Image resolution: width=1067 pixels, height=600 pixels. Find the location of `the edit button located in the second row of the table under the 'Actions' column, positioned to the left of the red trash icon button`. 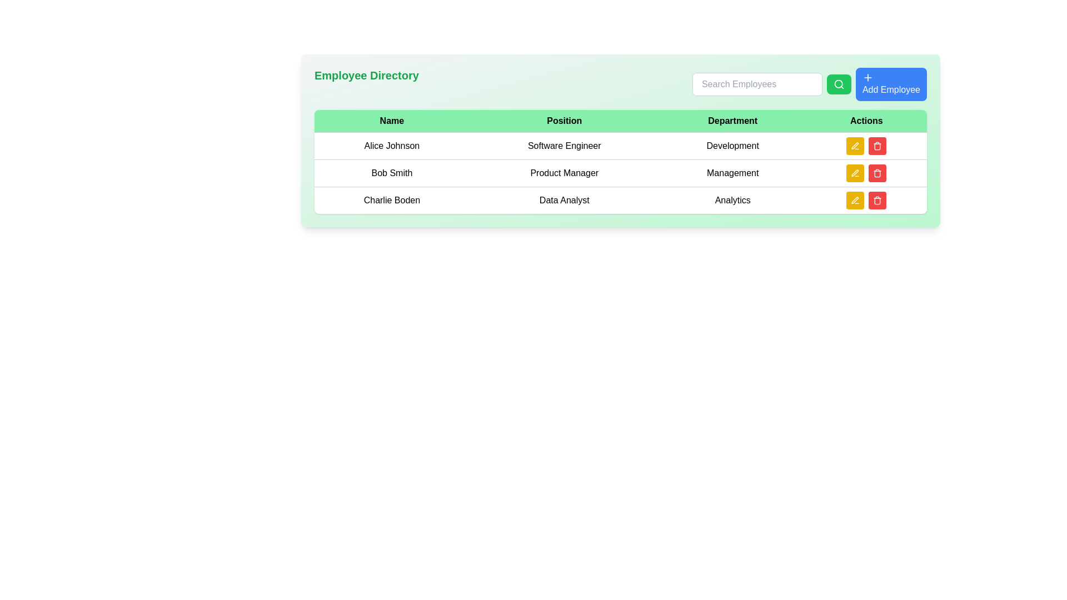

the edit button located in the second row of the table under the 'Actions' column, positioned to the left of the red trash icon button is located at coordinates (855, 173).